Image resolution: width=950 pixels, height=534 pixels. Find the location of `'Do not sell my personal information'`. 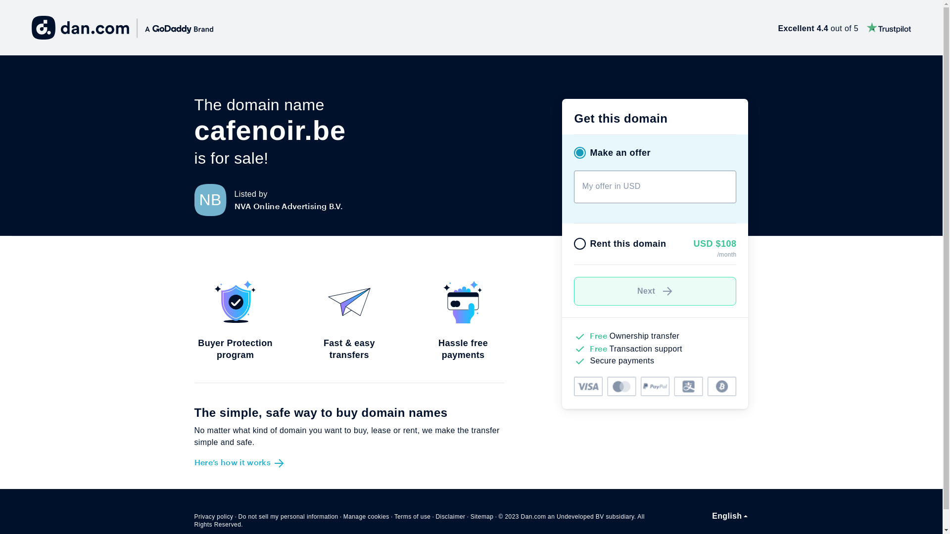

'Do not sell my personal information' is located at coordinates (287, 516).